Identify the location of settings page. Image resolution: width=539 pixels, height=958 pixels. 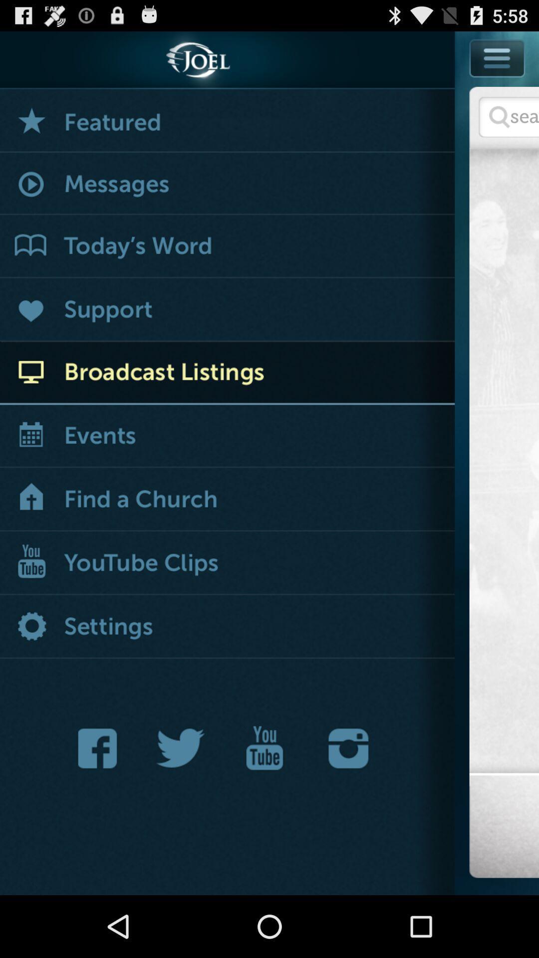
(227, 627).